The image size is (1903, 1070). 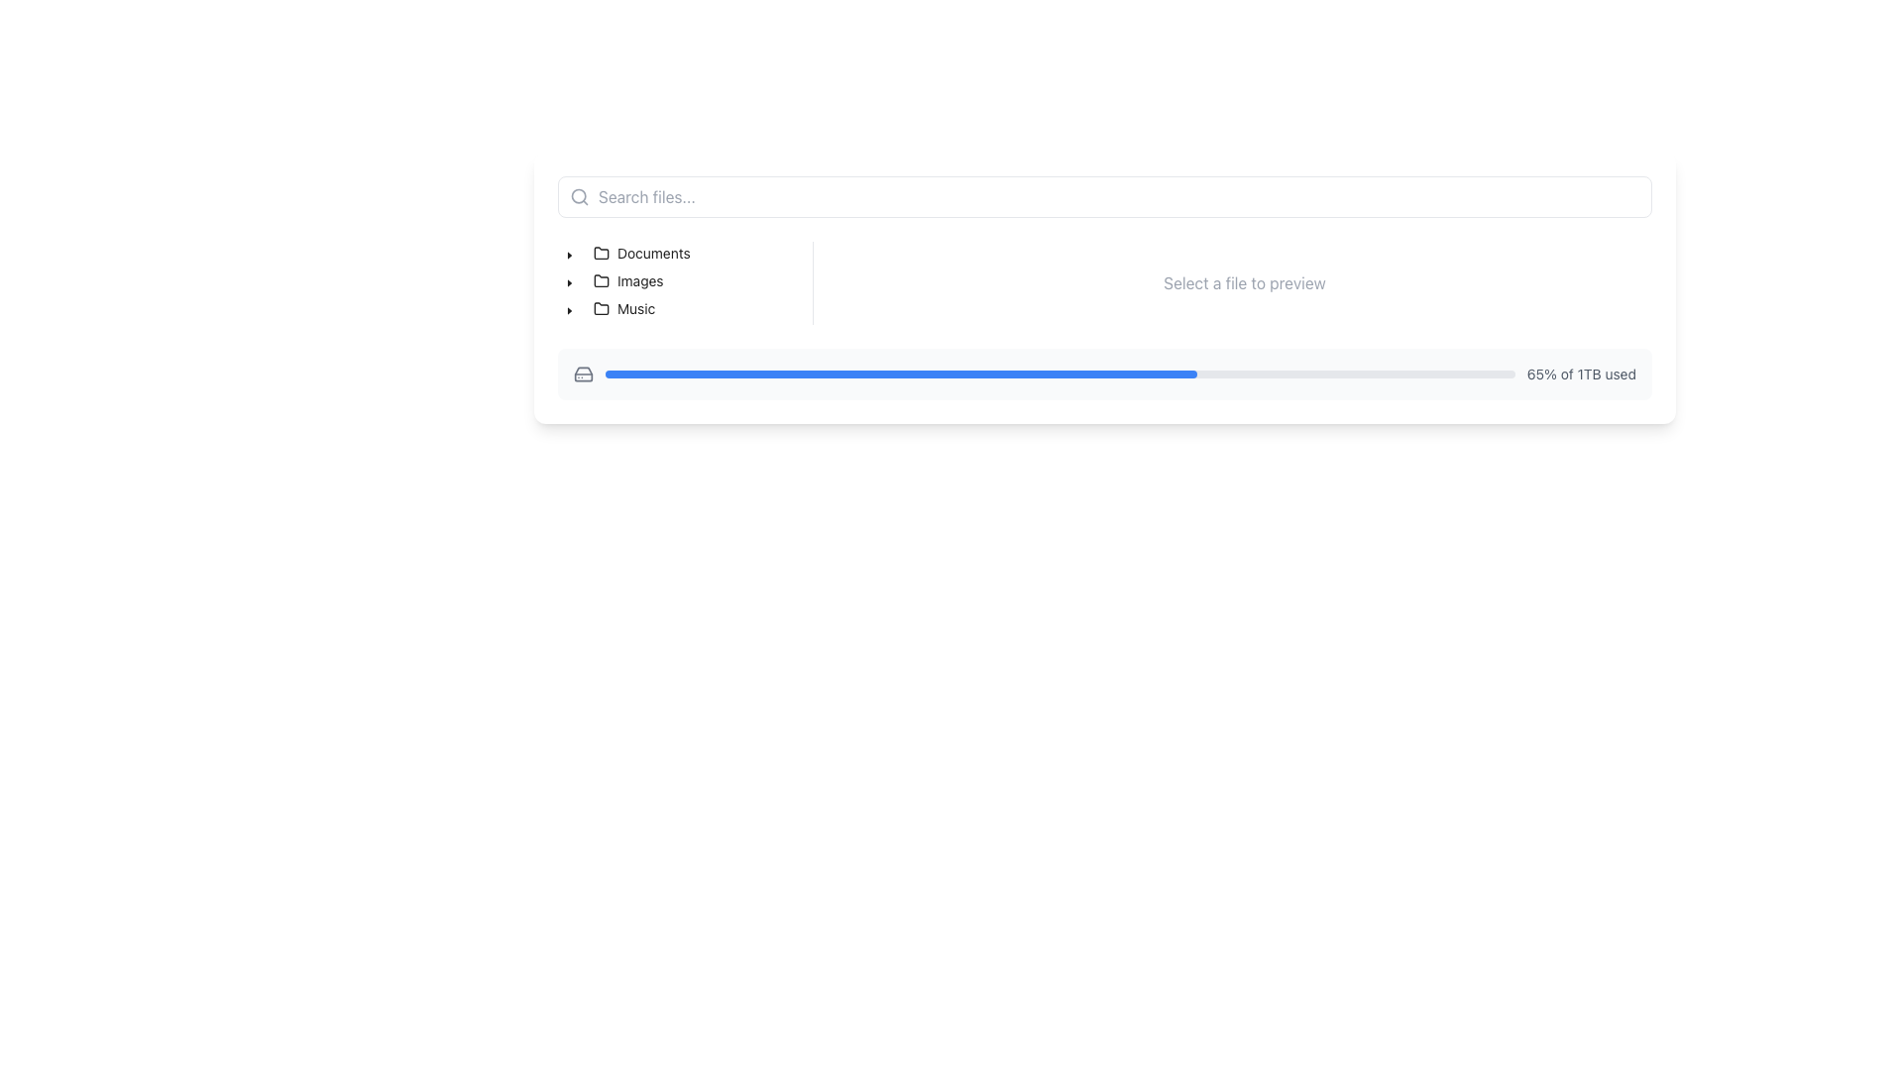 I want to click on the 'Documents' folder icon in the navigation panel, so click(x=600, y=251).